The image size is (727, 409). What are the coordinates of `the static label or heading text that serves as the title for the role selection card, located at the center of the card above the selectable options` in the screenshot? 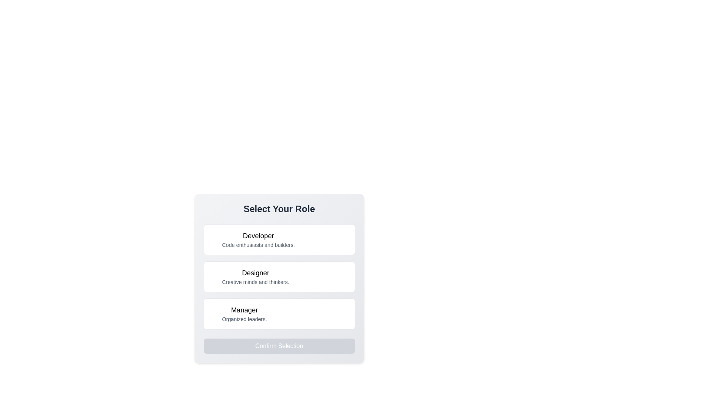 It's located at (279, 209).